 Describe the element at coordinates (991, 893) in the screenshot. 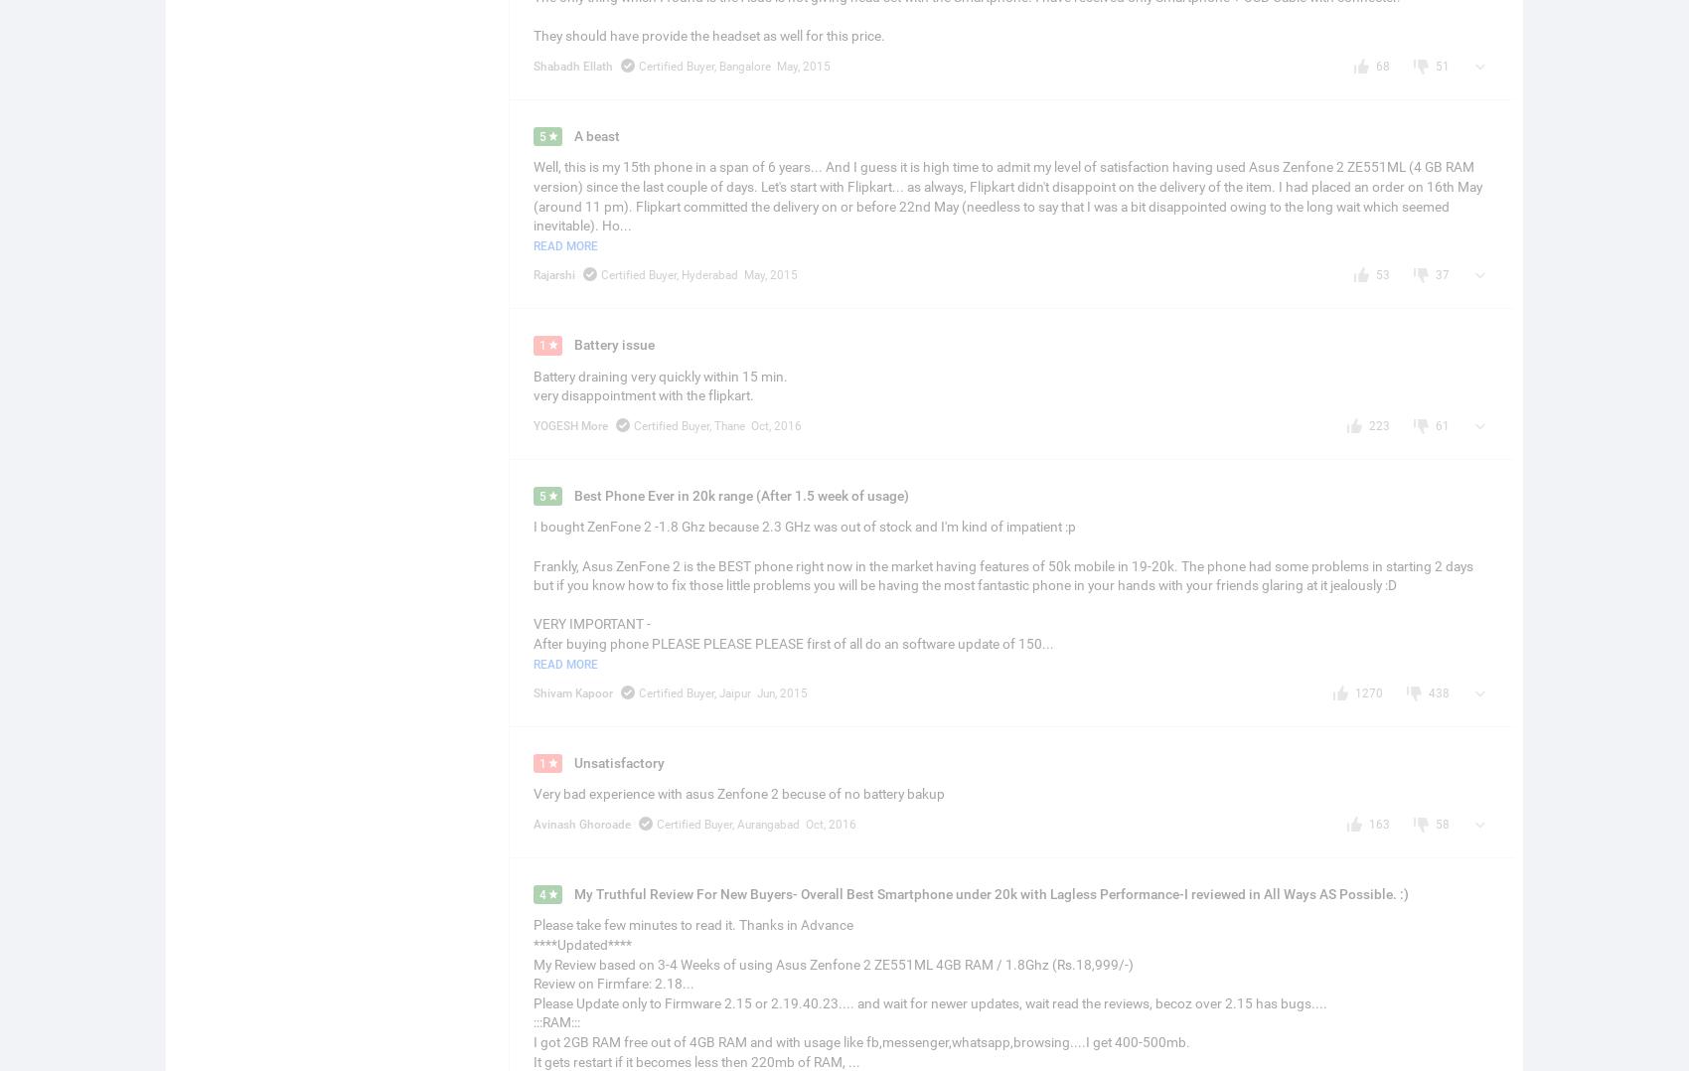

I see `'My Truthful Review For New Buyers- Overall Best Smartphone under 20k with Lagless Performance-I reviewed in All Ways AS Possible. :)'` at that location.